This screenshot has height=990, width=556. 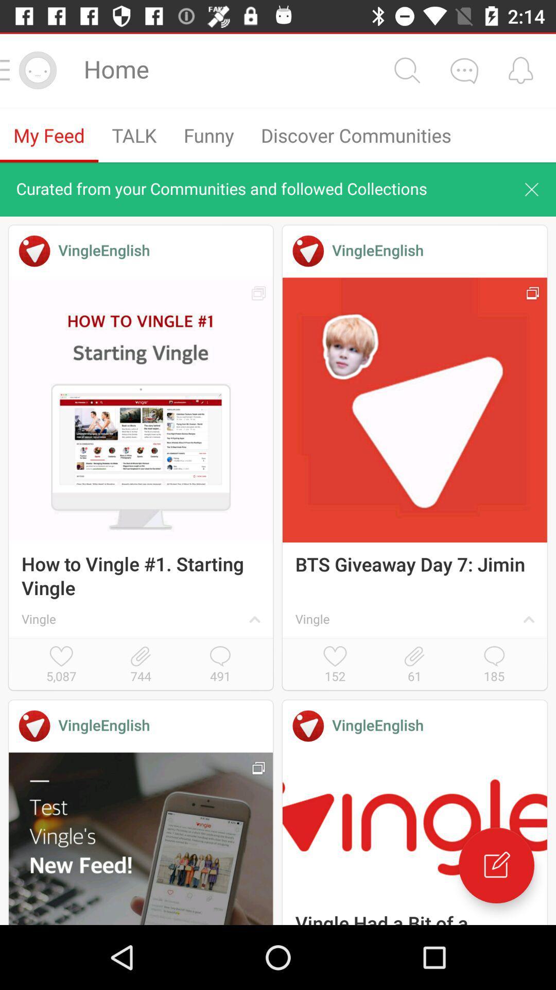 I want to click on notification, so click(x=520, y=70).